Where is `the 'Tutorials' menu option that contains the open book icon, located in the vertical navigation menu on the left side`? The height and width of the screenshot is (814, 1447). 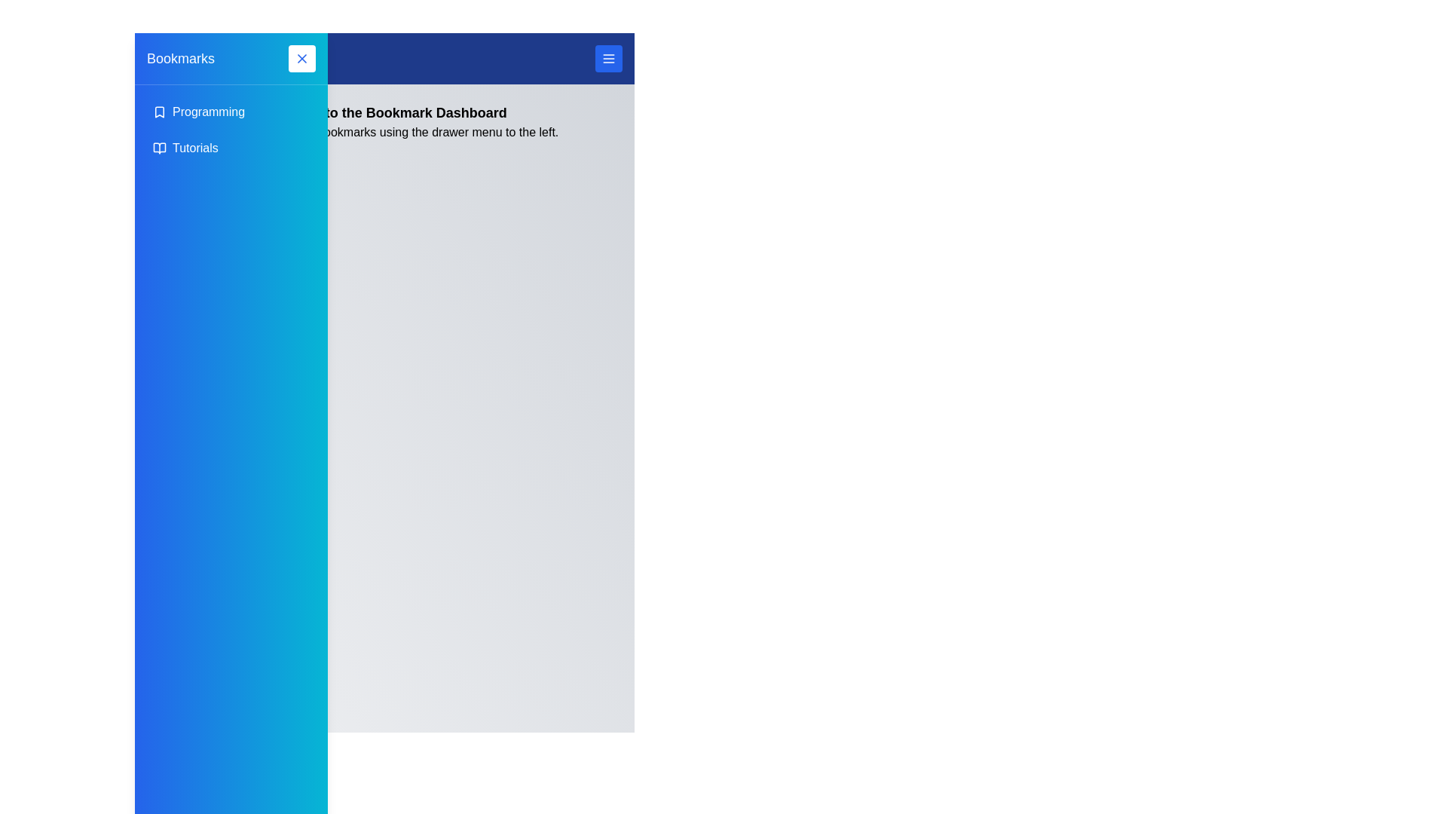 the 'Tutorials' menu option that contains the open book icon, located in the vertical navigation menu on the left side is located at coordinates (159, 148).